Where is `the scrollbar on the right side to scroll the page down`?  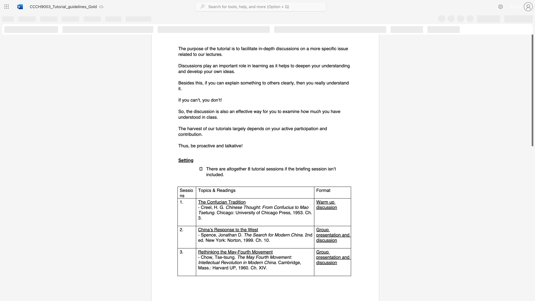 the scrollbar on the right side to scroll the page down is located at coordinates (532, 242).